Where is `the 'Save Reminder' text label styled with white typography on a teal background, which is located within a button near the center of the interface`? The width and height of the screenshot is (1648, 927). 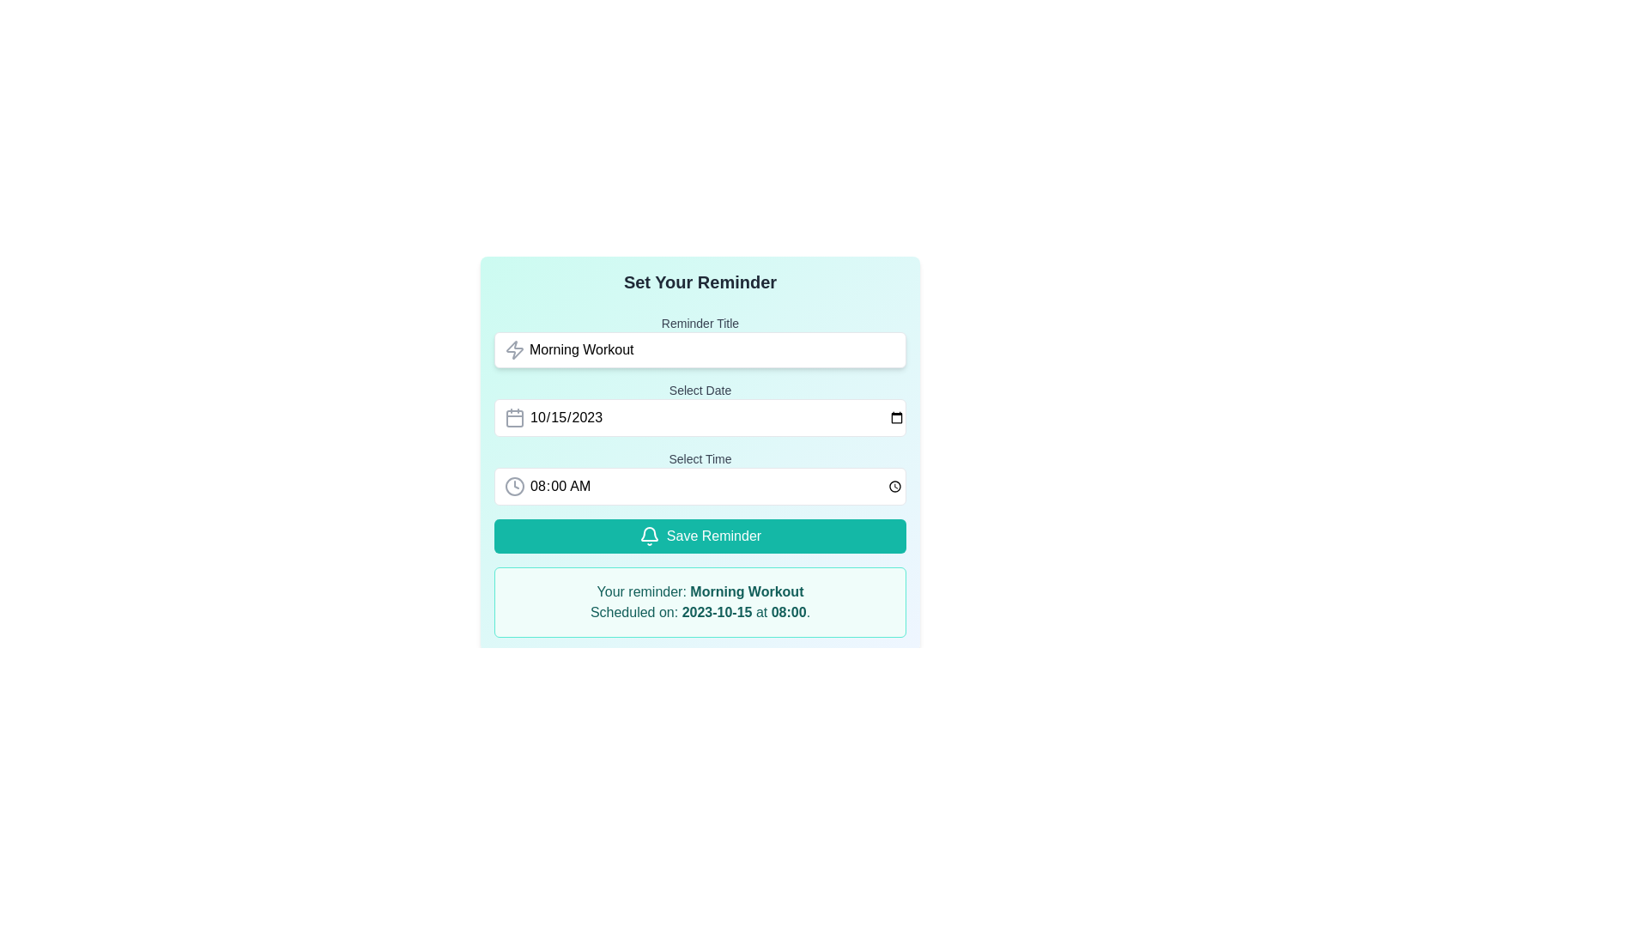
the 'Save Reminder' text label styled with white typography on a teal background, which is located within a button near the center of the interface is located at coordinates (713, 535).